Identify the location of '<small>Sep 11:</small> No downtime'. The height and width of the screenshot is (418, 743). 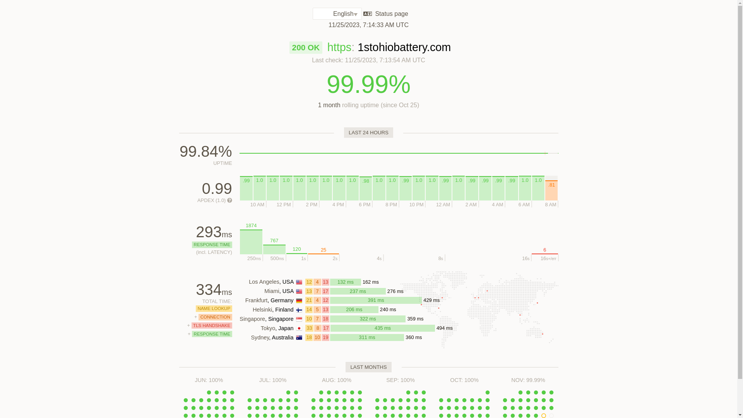
(377, 407).